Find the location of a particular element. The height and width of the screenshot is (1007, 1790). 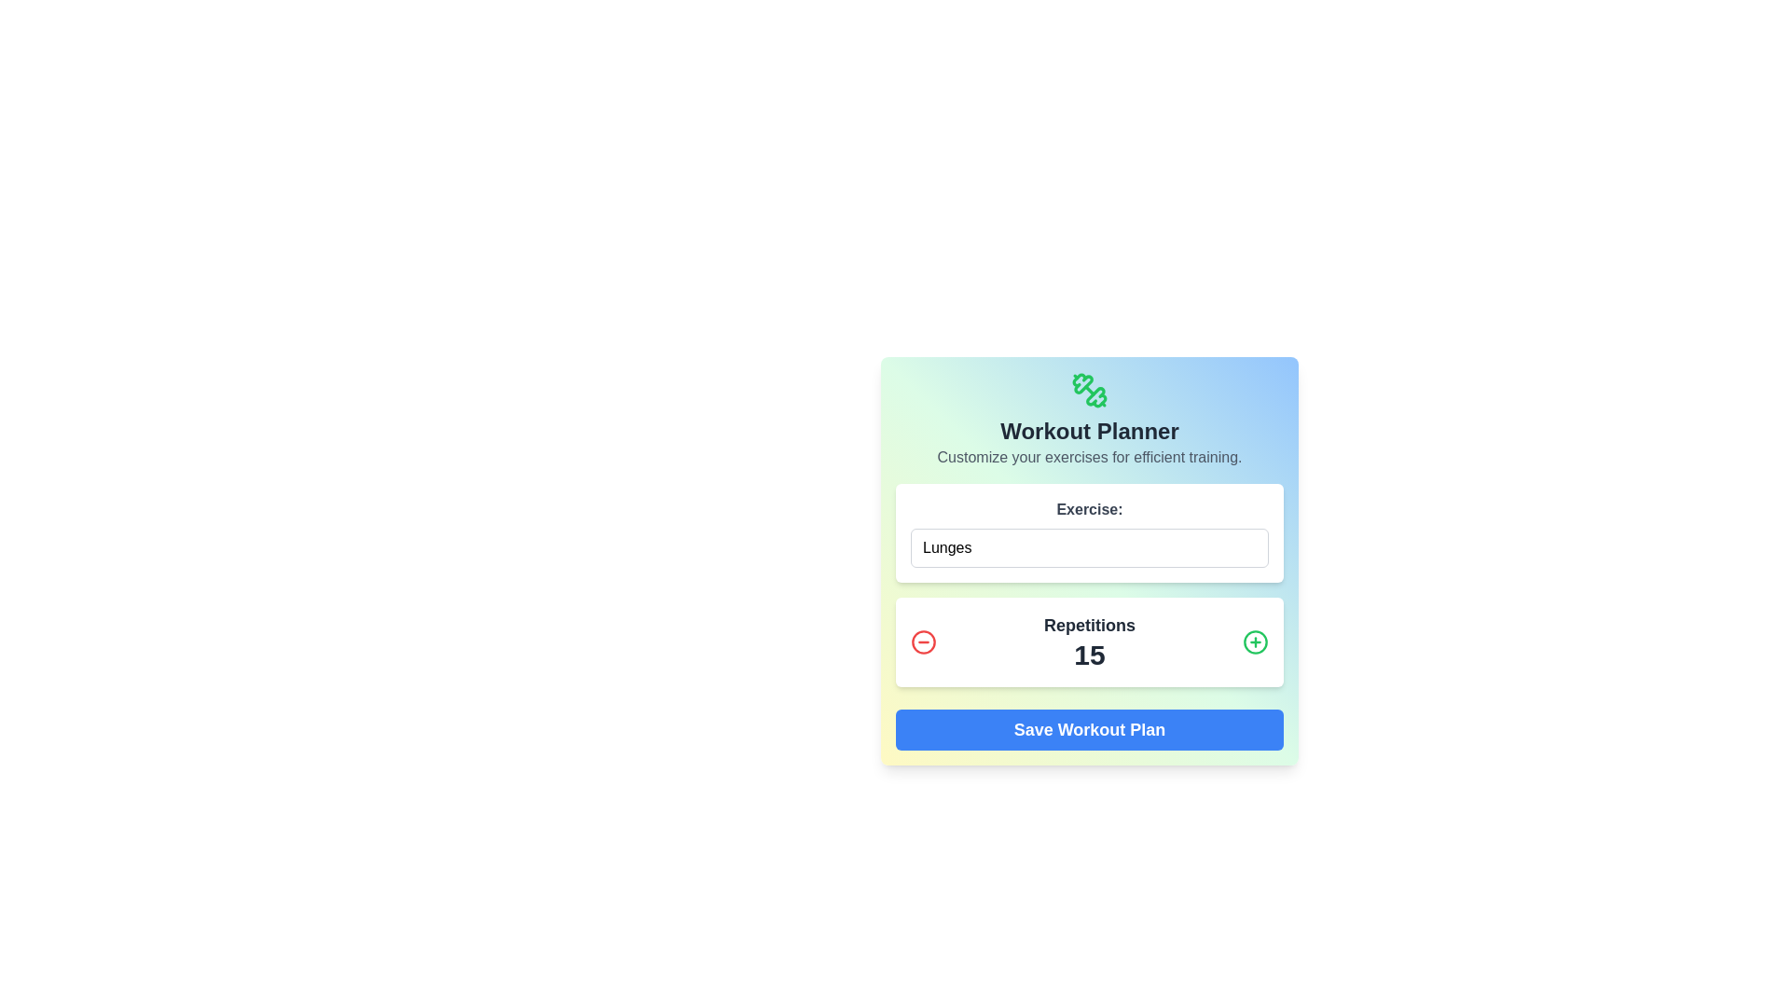

the static text element displaying the current count of repetitions, located centrally below the label 'Repetitions' is located at coordinates (1089, 654).